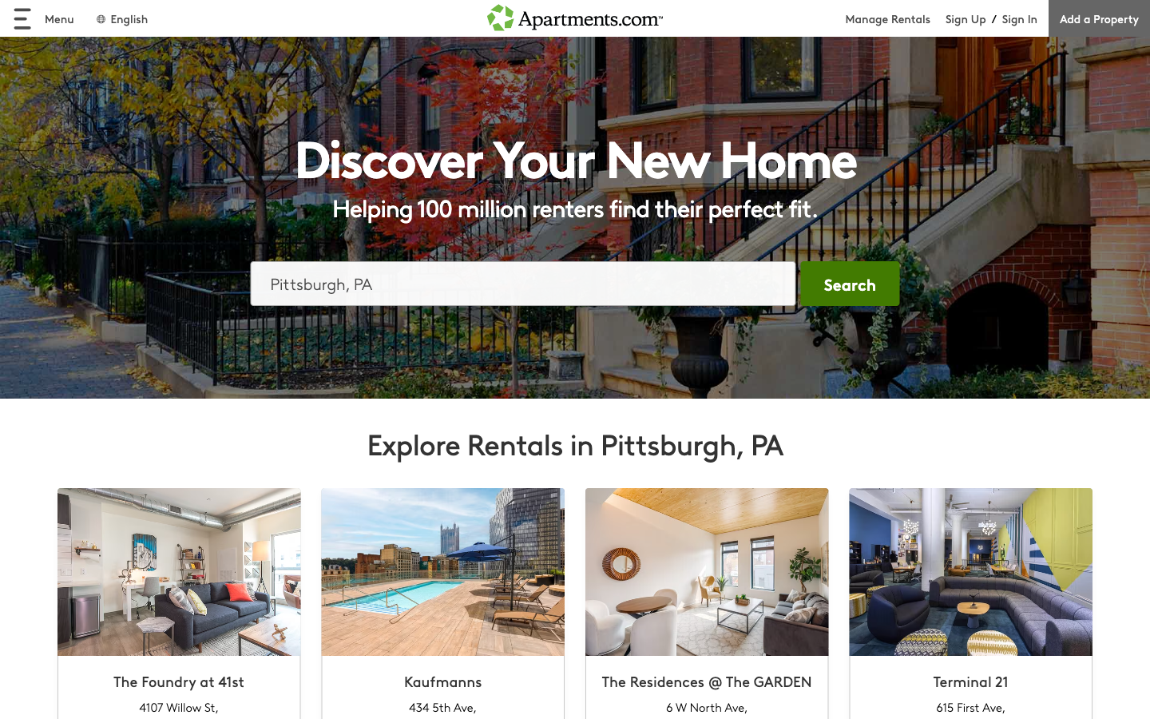 The width and height of the screenshot is (1150, 719). What do you see at coordinates (894, 18) in the screenshot?
I see `manage rentals` at bounding box center [894, 18].